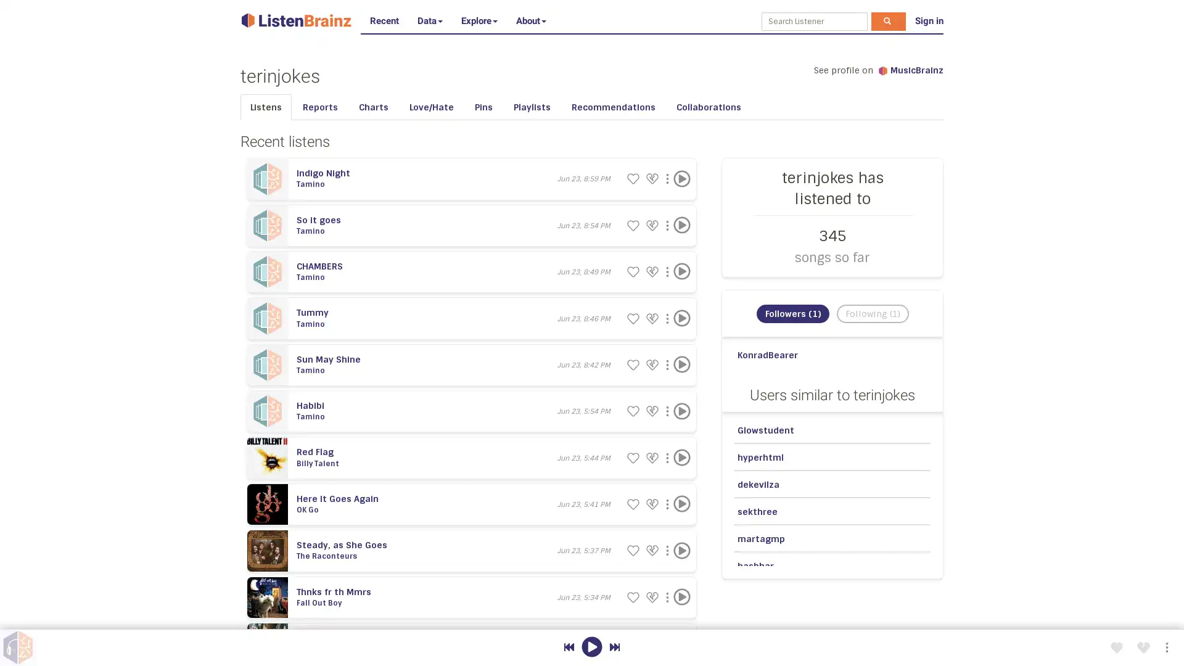 The height and width of the screenshot is (666, 1184). Describe the element at coordinates (681, 550) in the screenshot. I see `Play` at that location.